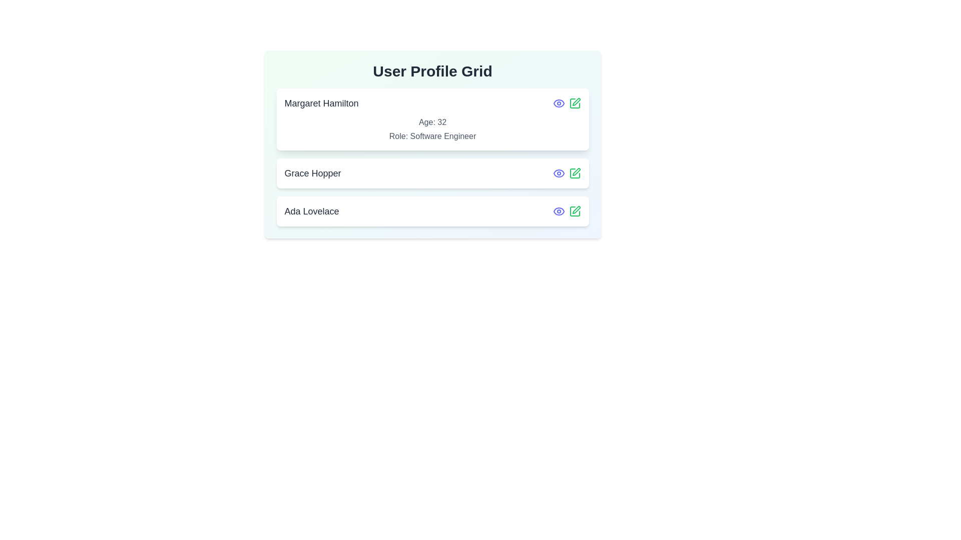 The width and height of the screenshot is (961, 540). What do you see at coordinates (311, 211) in the screenshot?
I see `the profile name Ada Lovelace by clicking on it` at bounding box center [311, 211].